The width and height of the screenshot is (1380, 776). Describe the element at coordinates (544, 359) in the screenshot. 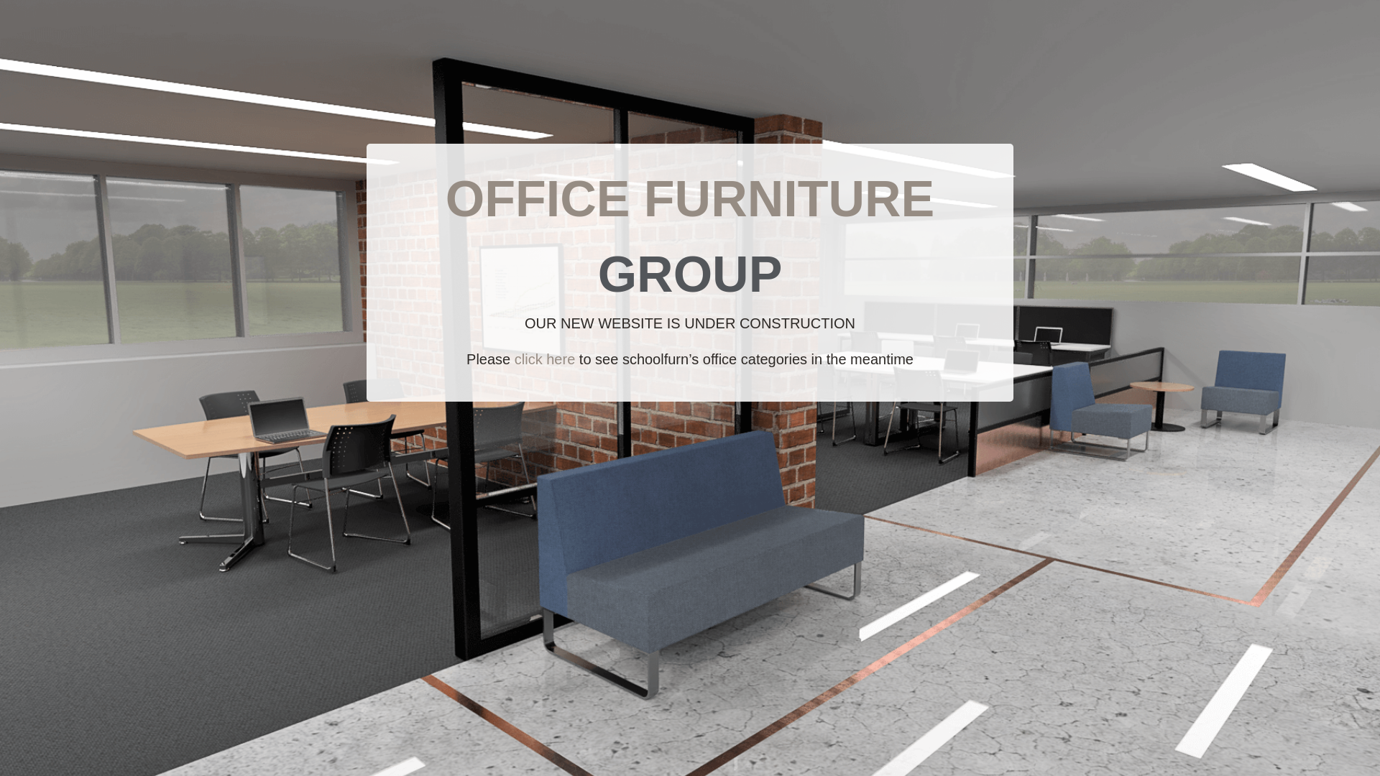

I see `'click here'` at that location.